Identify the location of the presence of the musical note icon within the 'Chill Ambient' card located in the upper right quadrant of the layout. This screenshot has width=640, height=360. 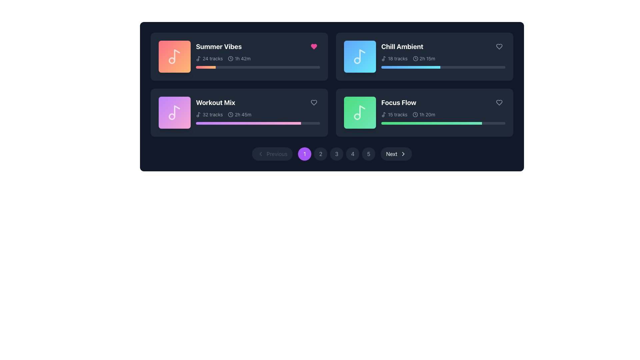
(385, 58).